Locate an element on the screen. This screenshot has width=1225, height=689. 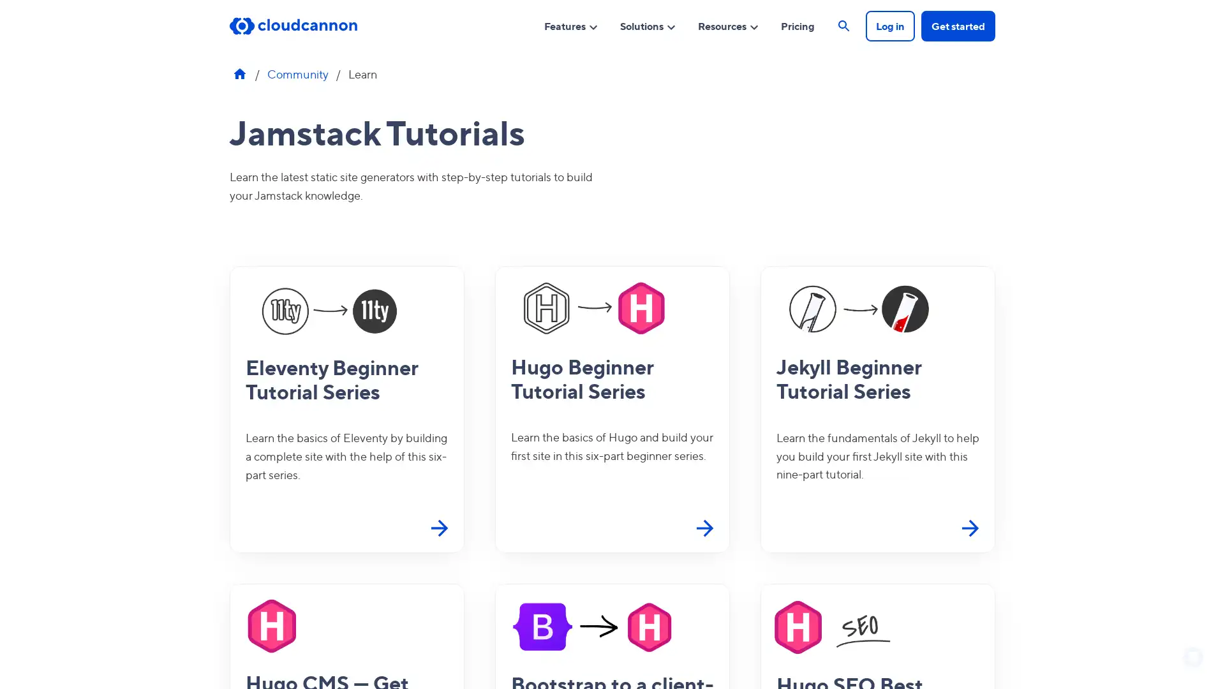
Open Intercom Messenger is located at coordinates (1192, 656).